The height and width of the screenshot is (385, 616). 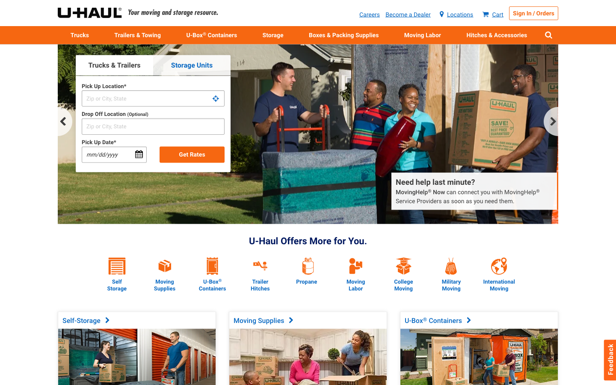 I want to click on the price of boxes, so click(x=164, y=258).